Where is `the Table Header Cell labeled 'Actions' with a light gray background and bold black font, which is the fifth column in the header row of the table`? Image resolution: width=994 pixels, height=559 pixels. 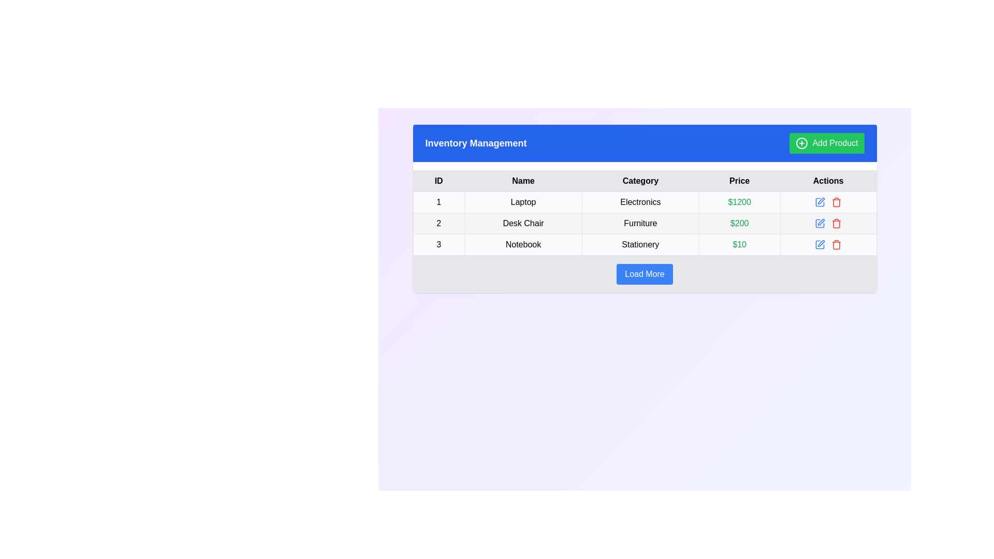
the Table Header Cell labeled 'Actions' with a light gray background and bold black font, which is the fifth column in the header row of the table is located at coordinates (828, 181).